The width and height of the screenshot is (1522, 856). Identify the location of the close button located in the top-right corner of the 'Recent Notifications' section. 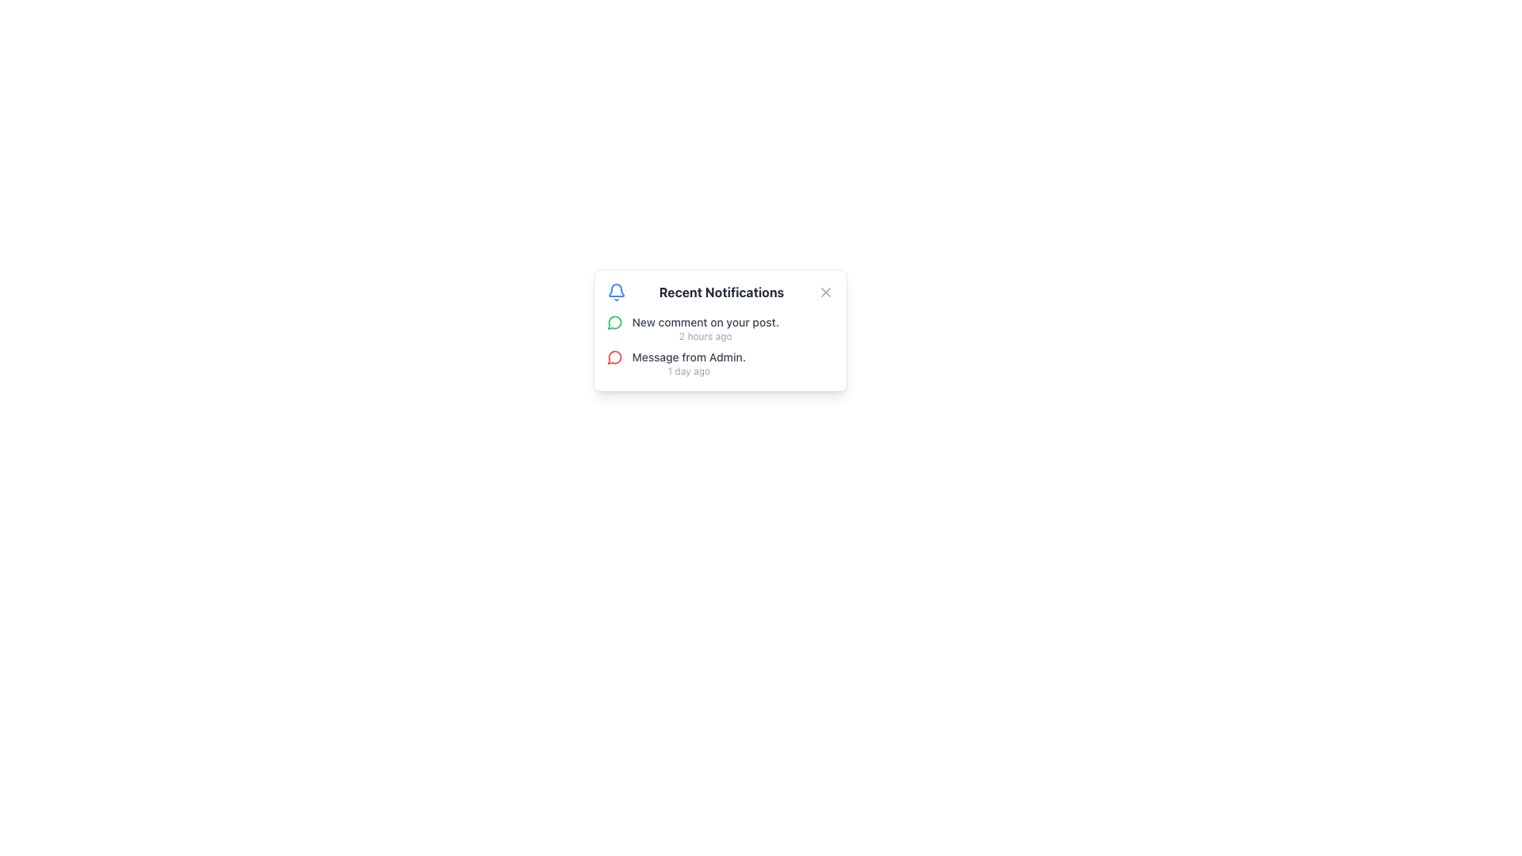
(824, 292).